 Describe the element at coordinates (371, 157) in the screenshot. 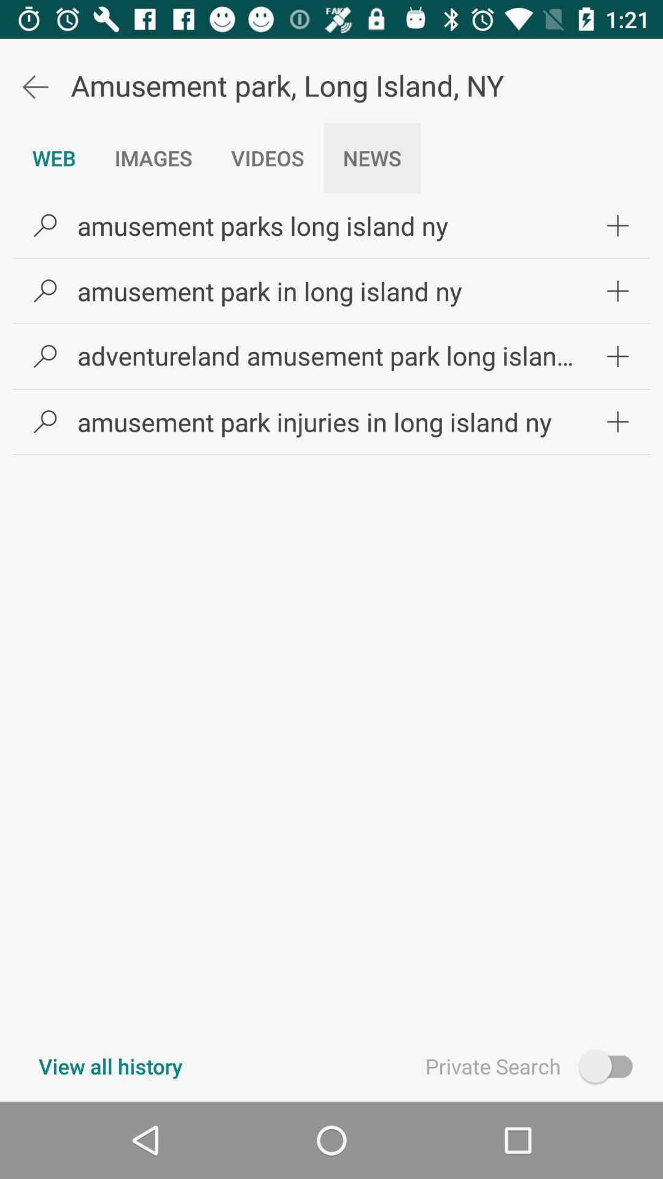

I see `icon above the amusement parks long icon` at that location.